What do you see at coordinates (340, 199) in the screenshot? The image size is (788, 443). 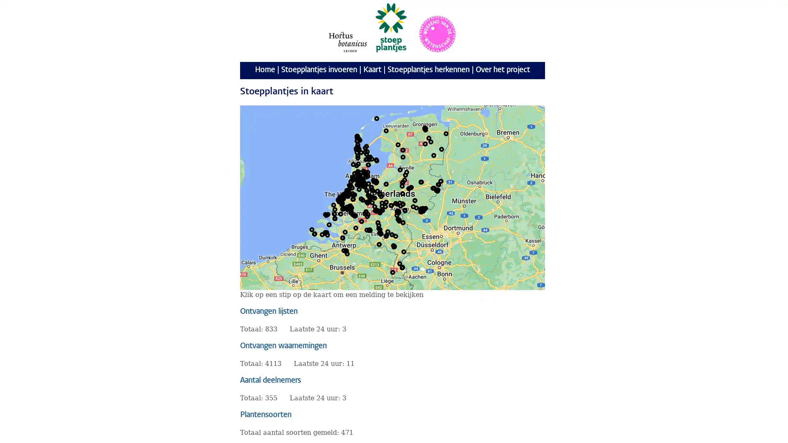 I see `Telling van op 31 maart 2022` at bounding box center [340, 199].